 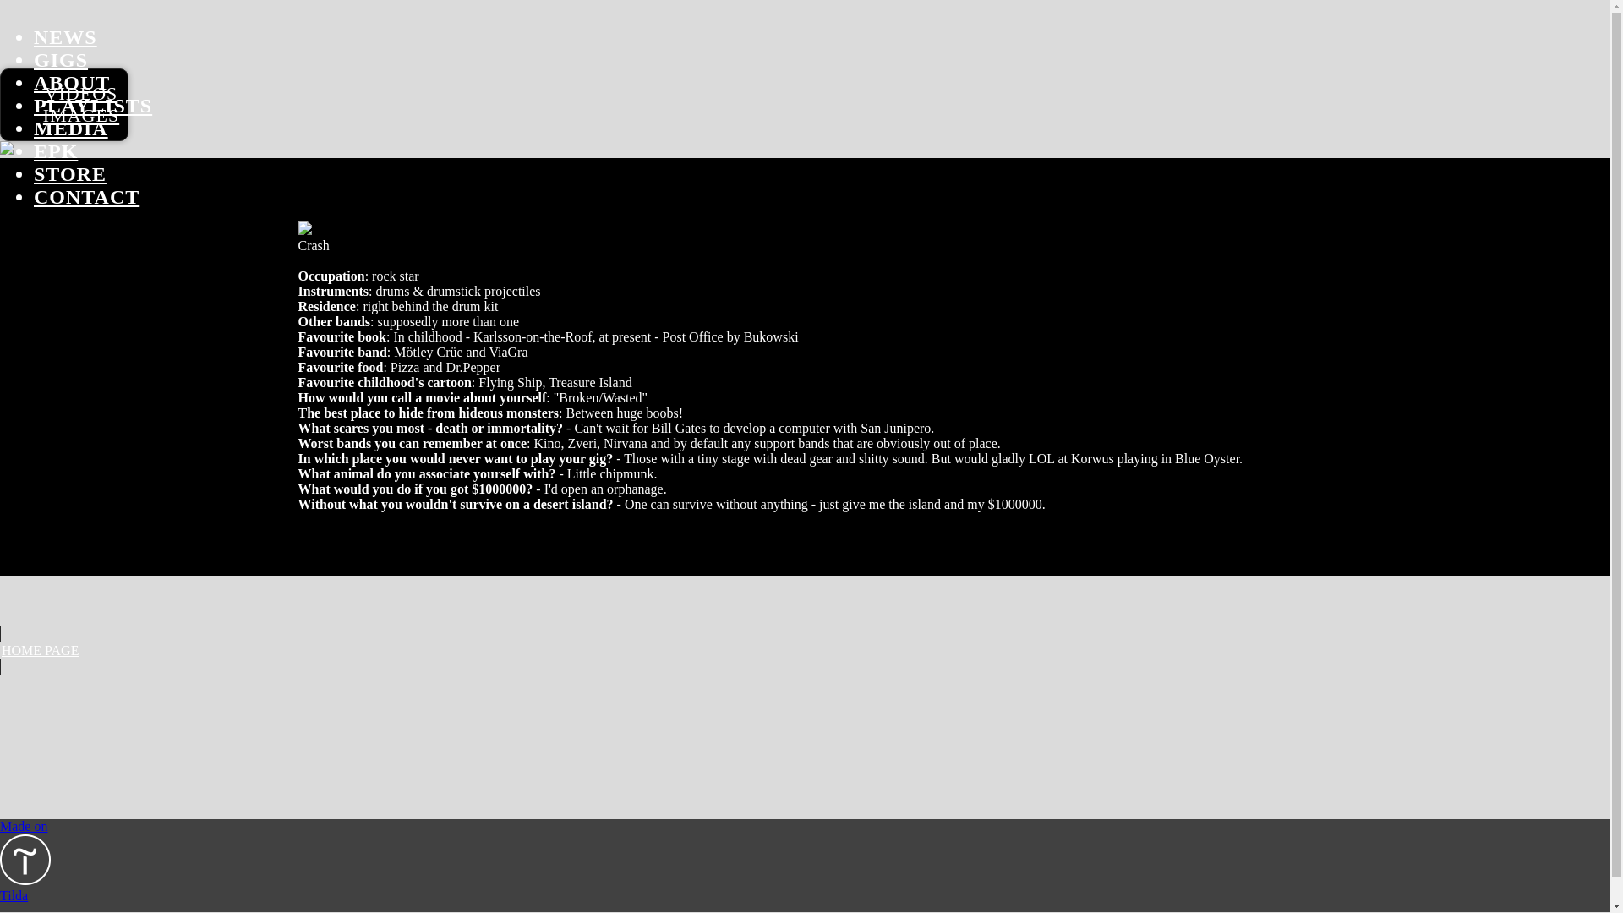 I want to click on 'VIDEOS', so click(x=80, y=93).